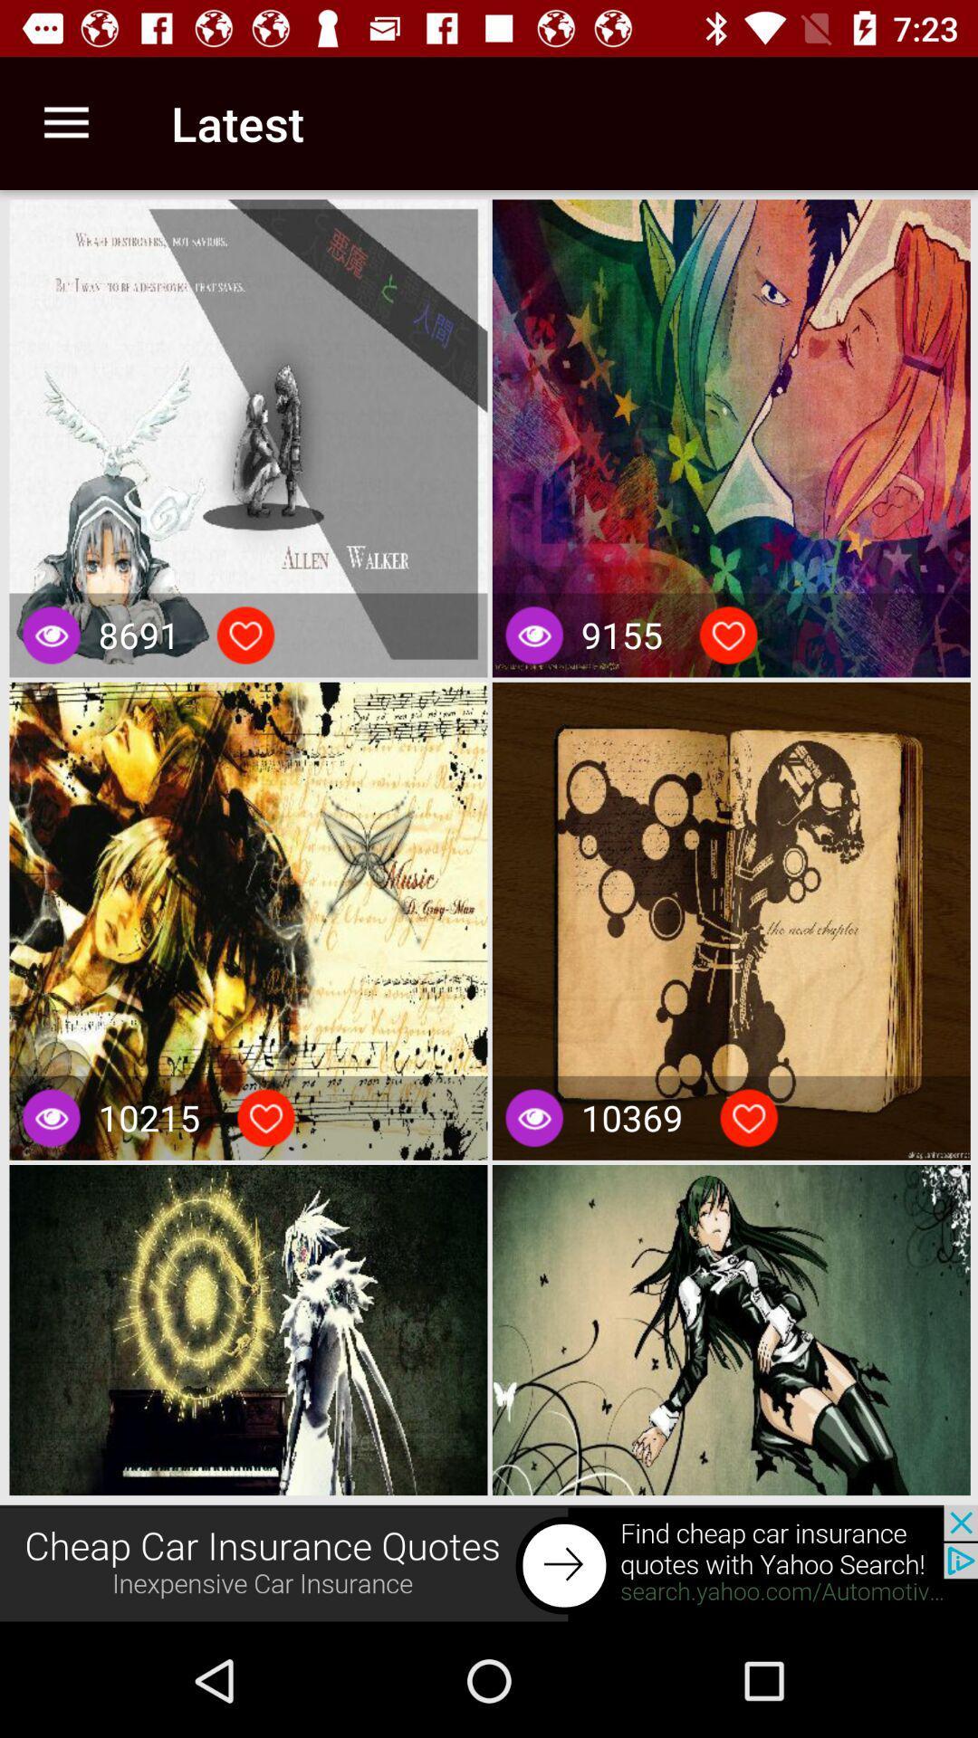 The height and width of the screenshot is (1738, 978). What do you see at coordinates (727, 635) in the screenshot?
I see `like option` at bounding box center [727, 635].